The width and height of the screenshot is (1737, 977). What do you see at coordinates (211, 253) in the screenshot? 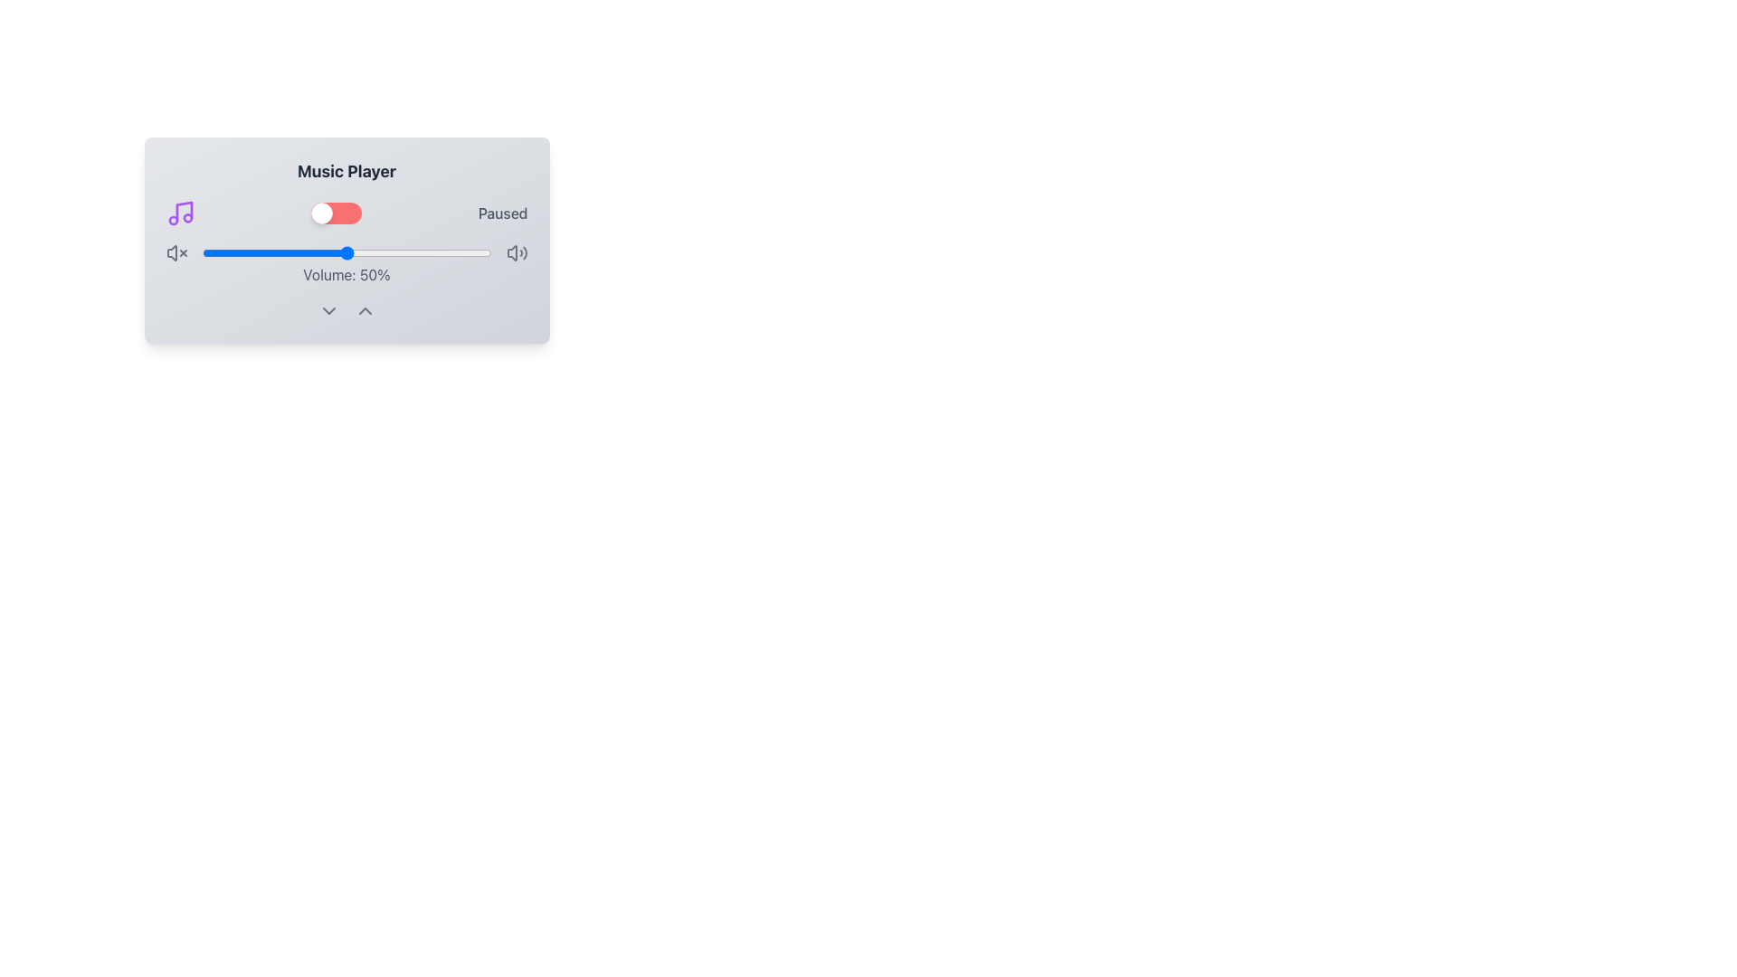
I see `volume` at bounding box center [211, 253].